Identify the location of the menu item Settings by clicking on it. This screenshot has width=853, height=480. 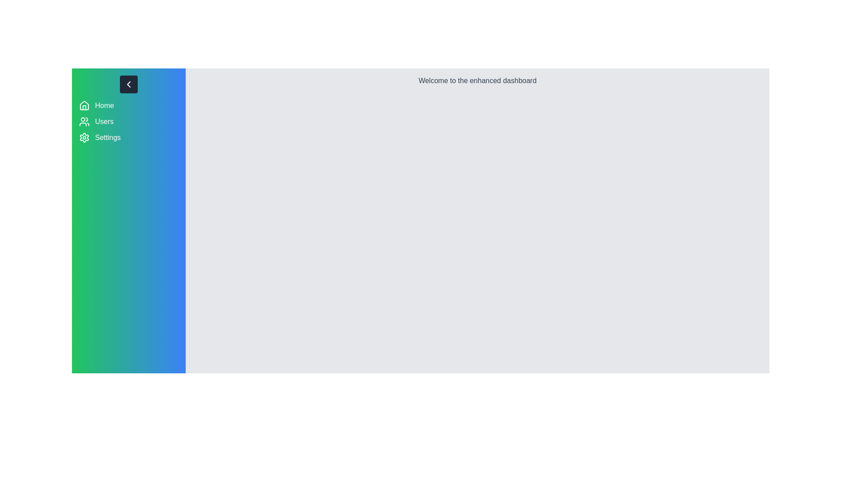
(128, 137).